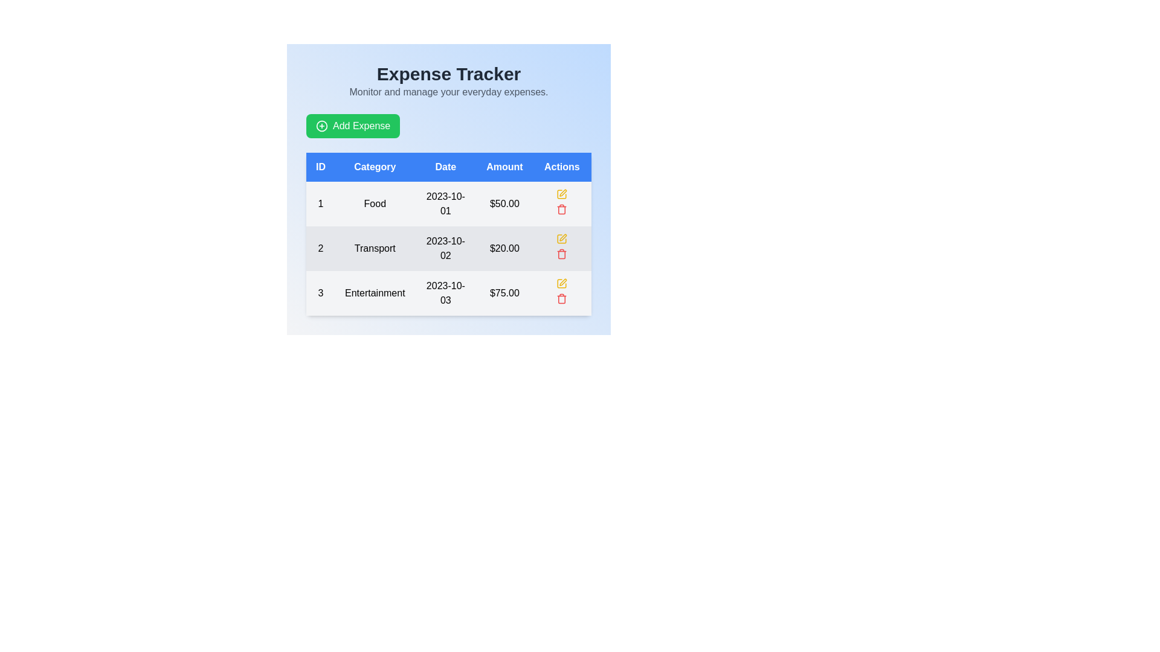 This screenshot has width=1160, height=652. Describe the element at coordinates (374, 203) in the screenshot. I see `the text cell displaying 'Food' located in the second column of the first row in the table under the 'Category' header` at that location.